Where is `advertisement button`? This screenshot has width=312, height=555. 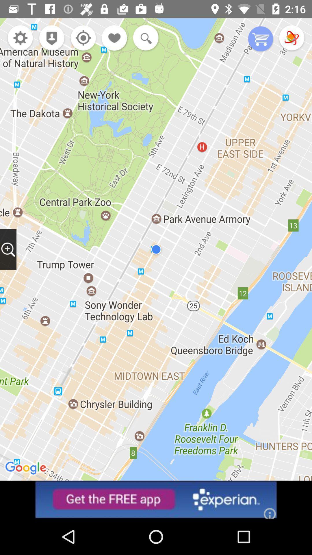
advertisement button is located at coordinates (156, 499).